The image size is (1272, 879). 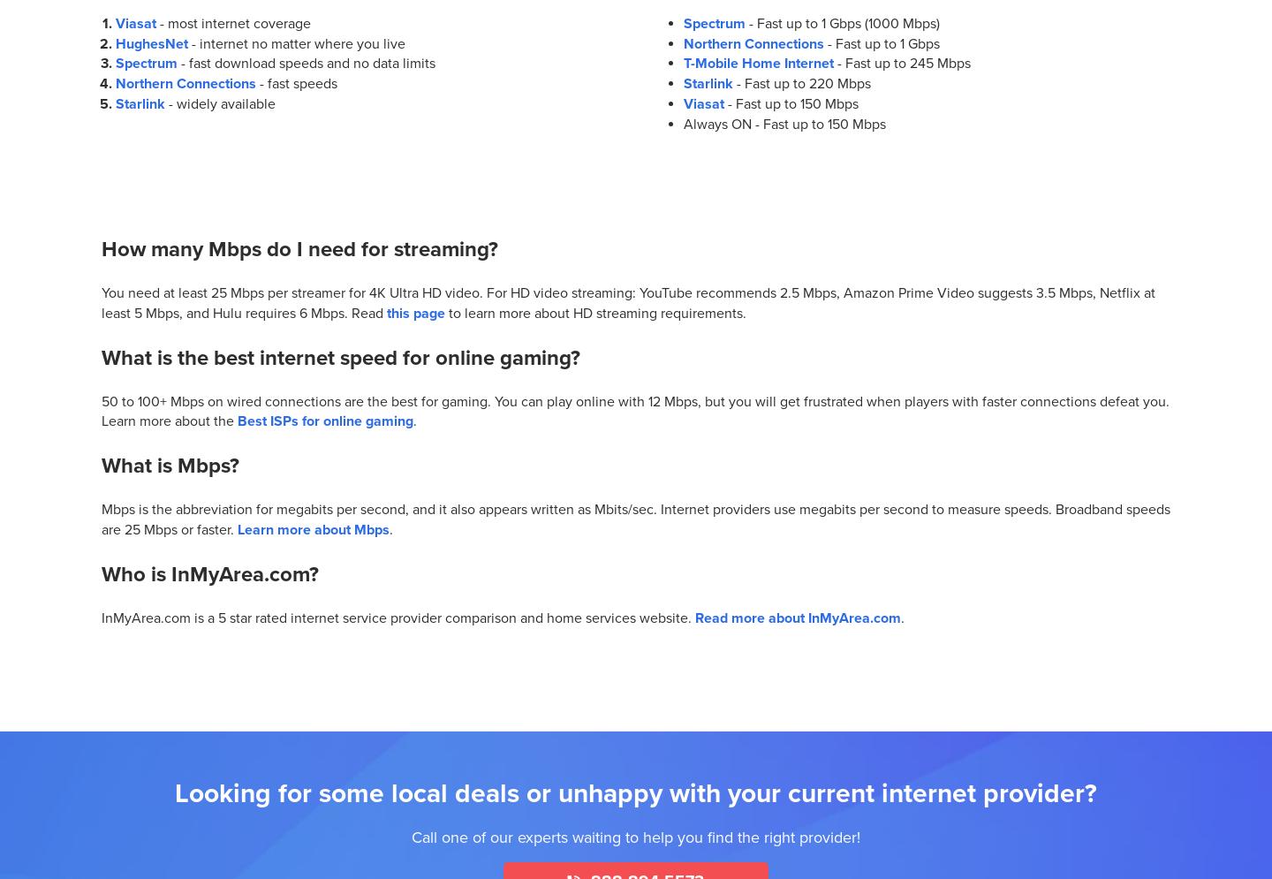 I want to click on '- Fast up to 220 Mbps', so click(x=801, y=84).